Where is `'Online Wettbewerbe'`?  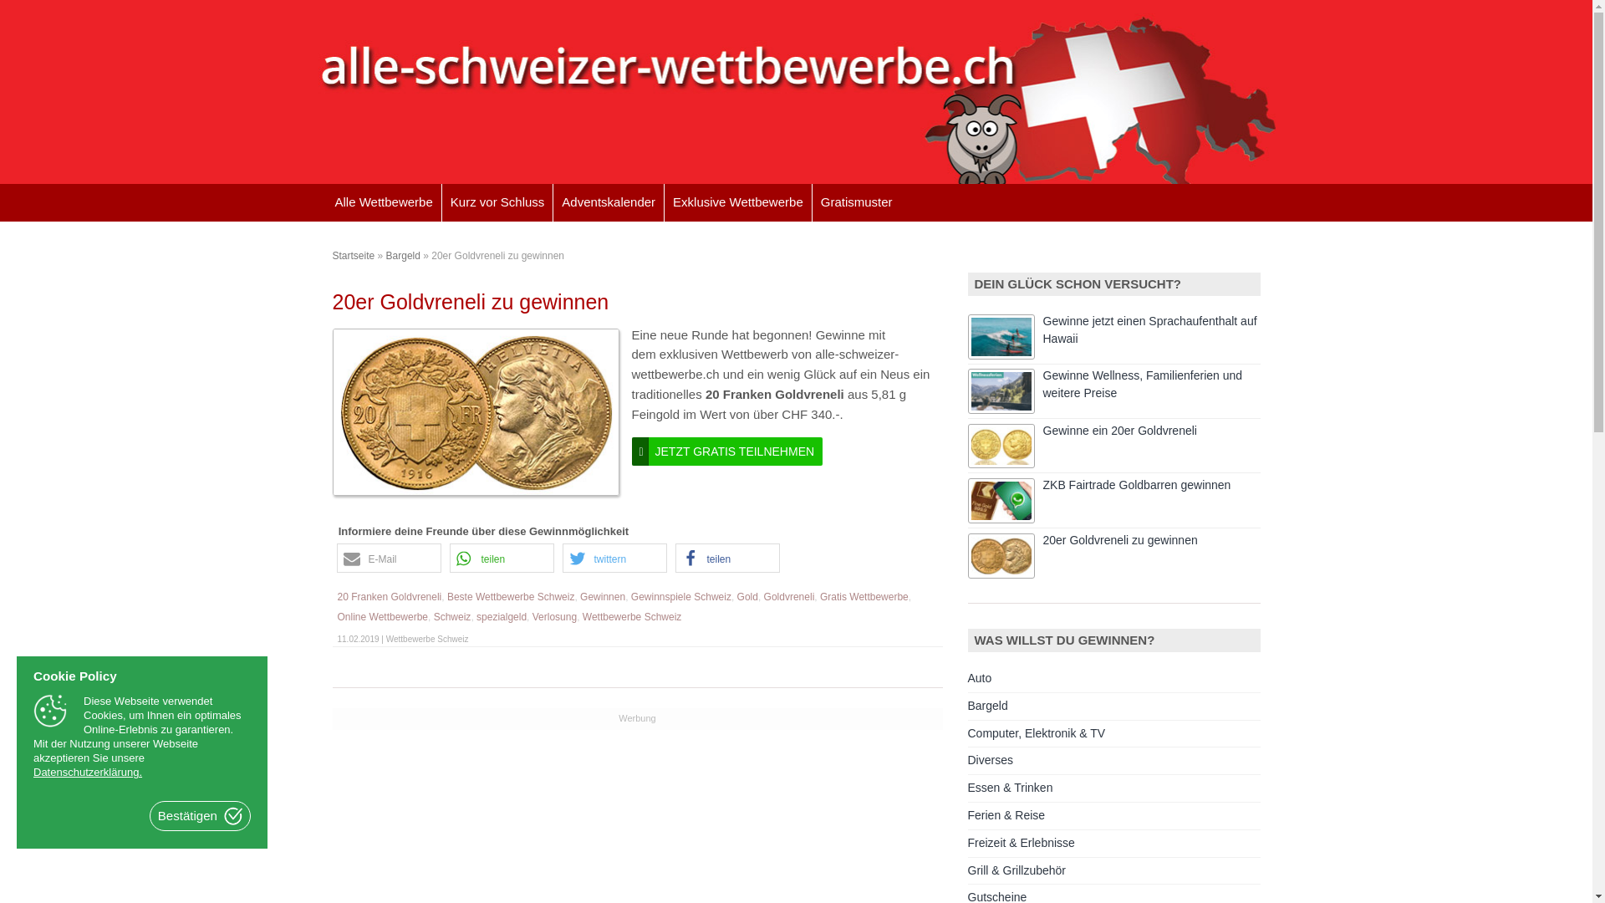
'Online Wettbewerbe' is located at coordinates (382, 616).